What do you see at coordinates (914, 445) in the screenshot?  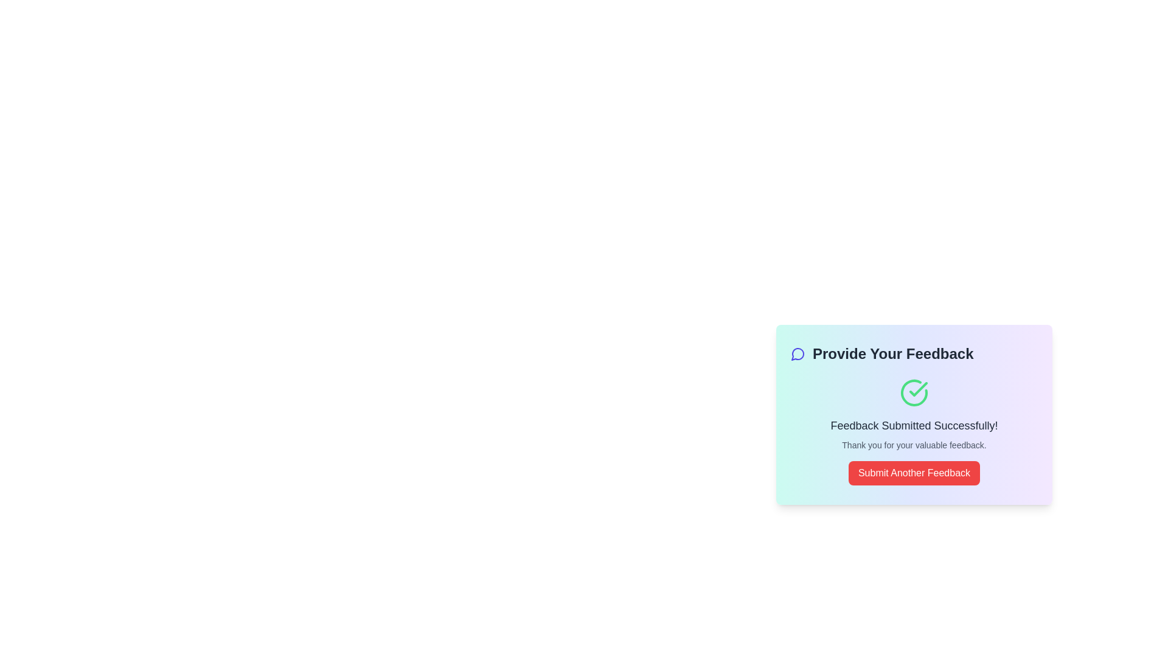 I see `the confirmation text label that thanks the user for their feedback, which is located below the 'Feedback Submitted Successfully!' message and above the 'Submit Another Feedback' red button` at bounding box center [914, 445].